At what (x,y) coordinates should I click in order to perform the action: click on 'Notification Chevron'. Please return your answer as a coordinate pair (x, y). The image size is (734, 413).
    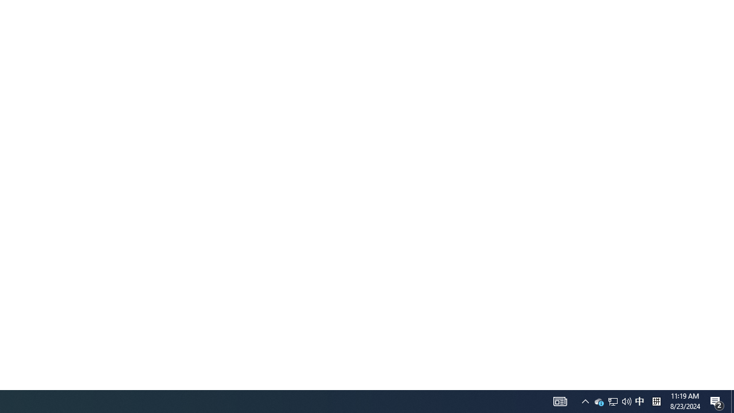
    Looking at the image, I should click on (560, 400).